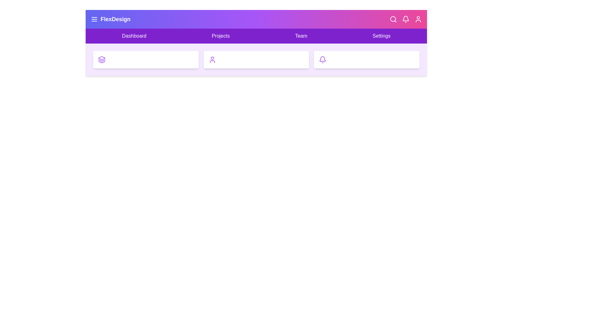 Image resolution: width=598 pixels, height=336 pixels. What do you see at coordinates (418, 19) in the screenshot?
I see `the User icon in the top bar` at bounding box center [418, 19].